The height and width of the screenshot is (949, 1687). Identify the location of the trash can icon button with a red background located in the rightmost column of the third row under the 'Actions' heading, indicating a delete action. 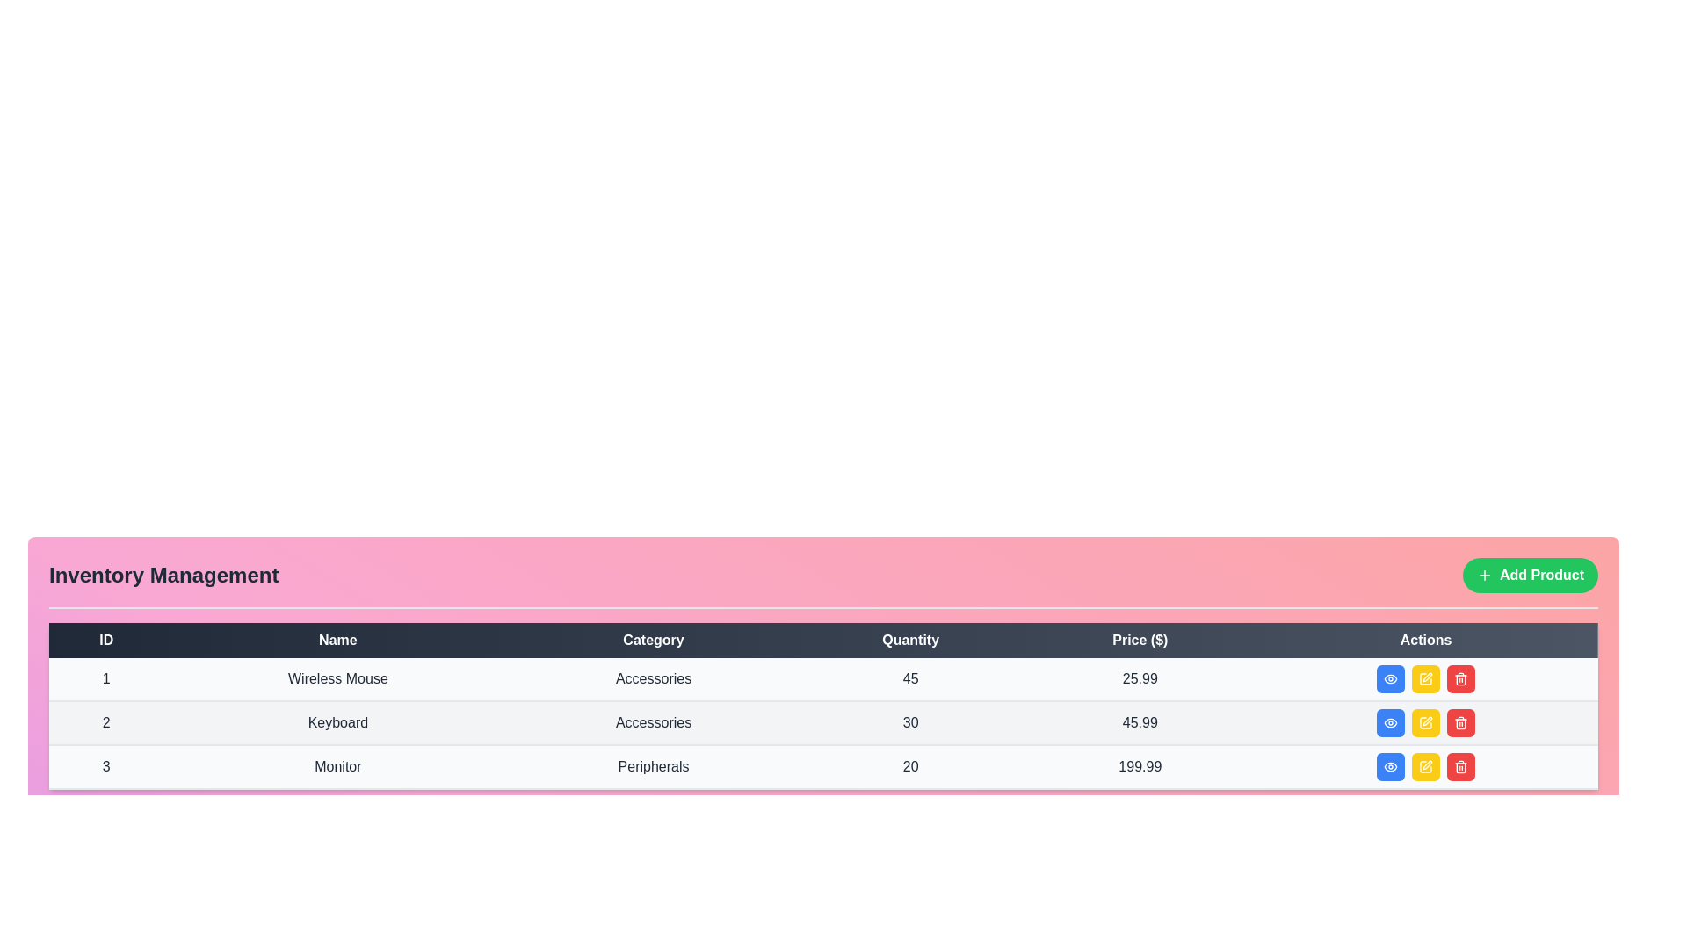
(1461, 765).